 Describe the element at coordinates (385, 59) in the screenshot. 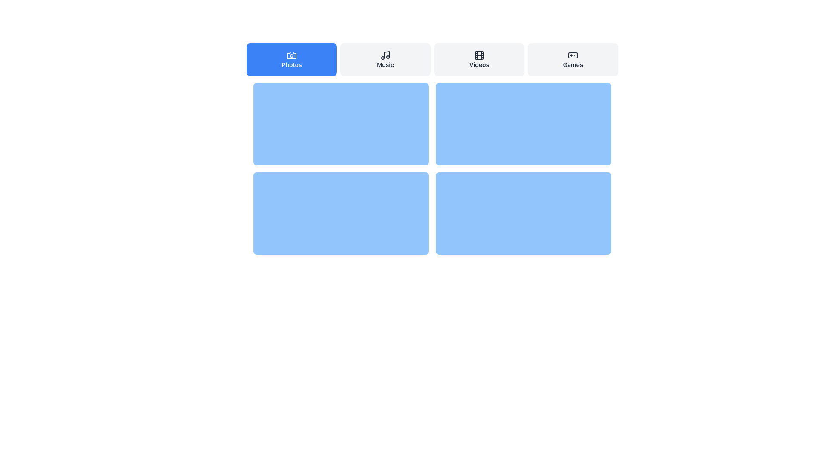

I see `the 'Music' button located between the 'Photos' and 'Videos' buttons at the upper section of the interface` at that location.